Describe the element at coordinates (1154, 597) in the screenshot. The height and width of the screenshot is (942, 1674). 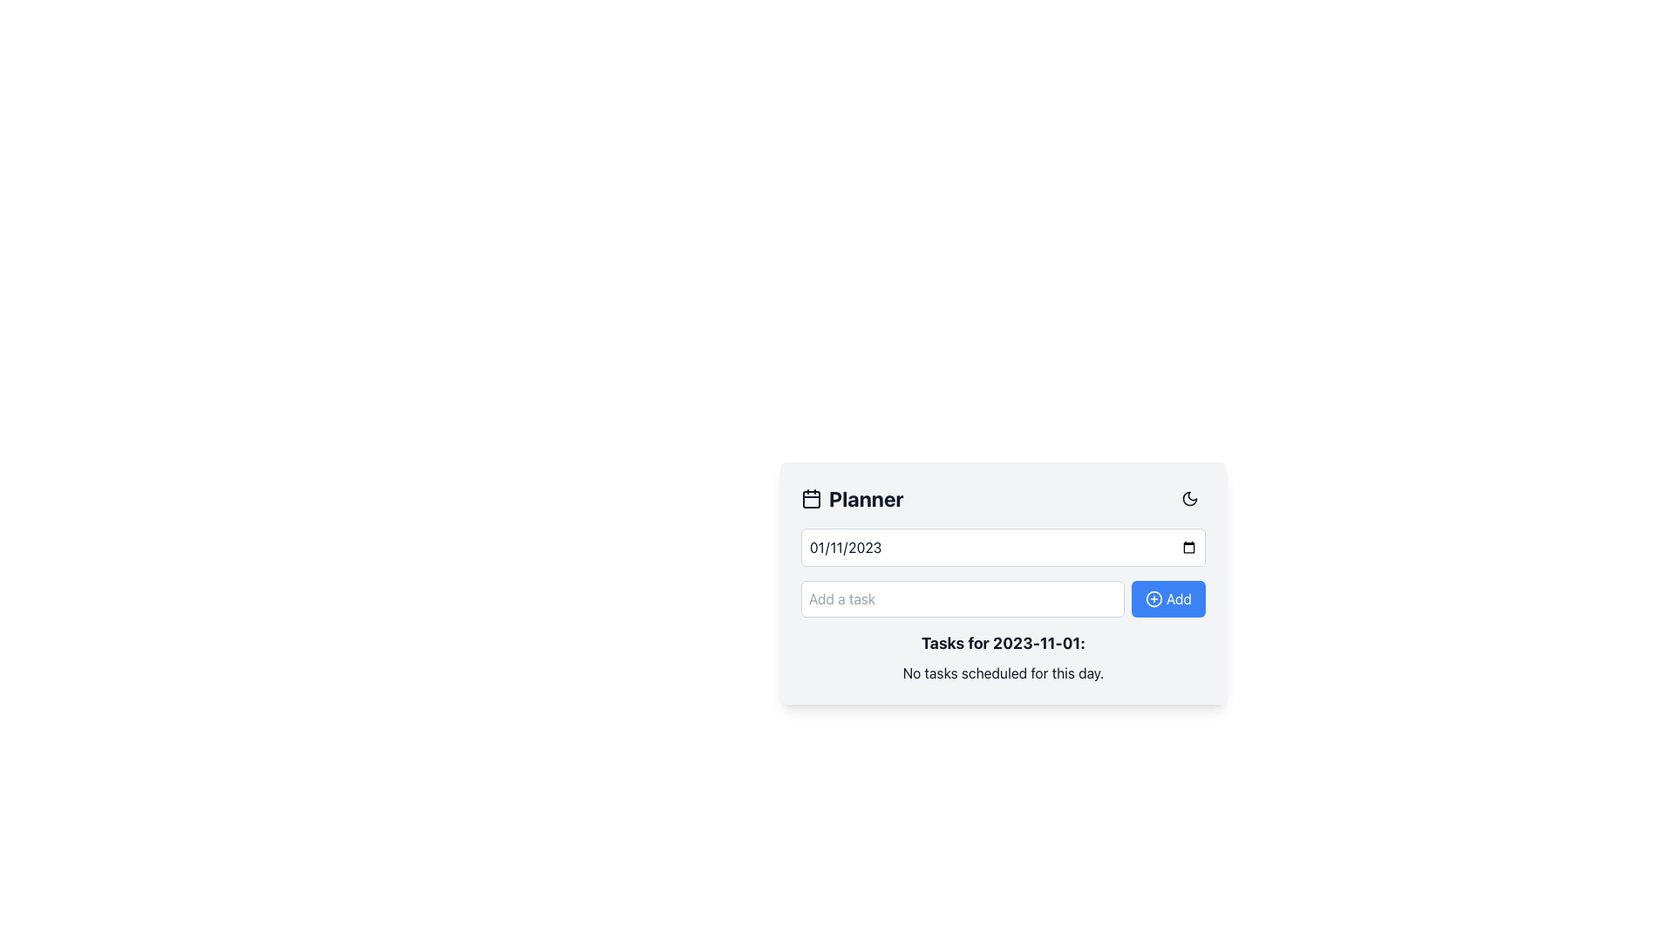
I see `the blue outlined circular icon part of the 'Add' button which contains a plus sign` at that location.